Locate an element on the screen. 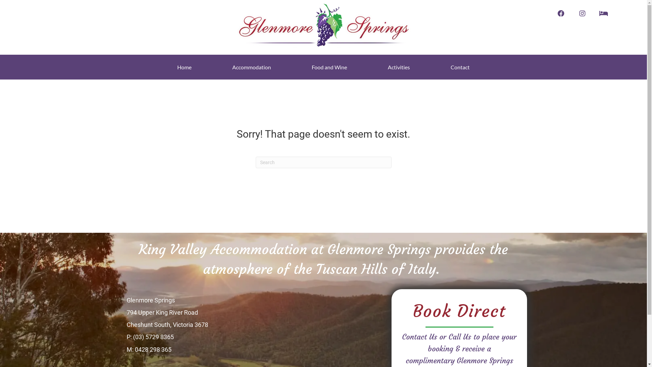 The image size is (652, 367). 'Contact' is located at coordinates (447, 67).